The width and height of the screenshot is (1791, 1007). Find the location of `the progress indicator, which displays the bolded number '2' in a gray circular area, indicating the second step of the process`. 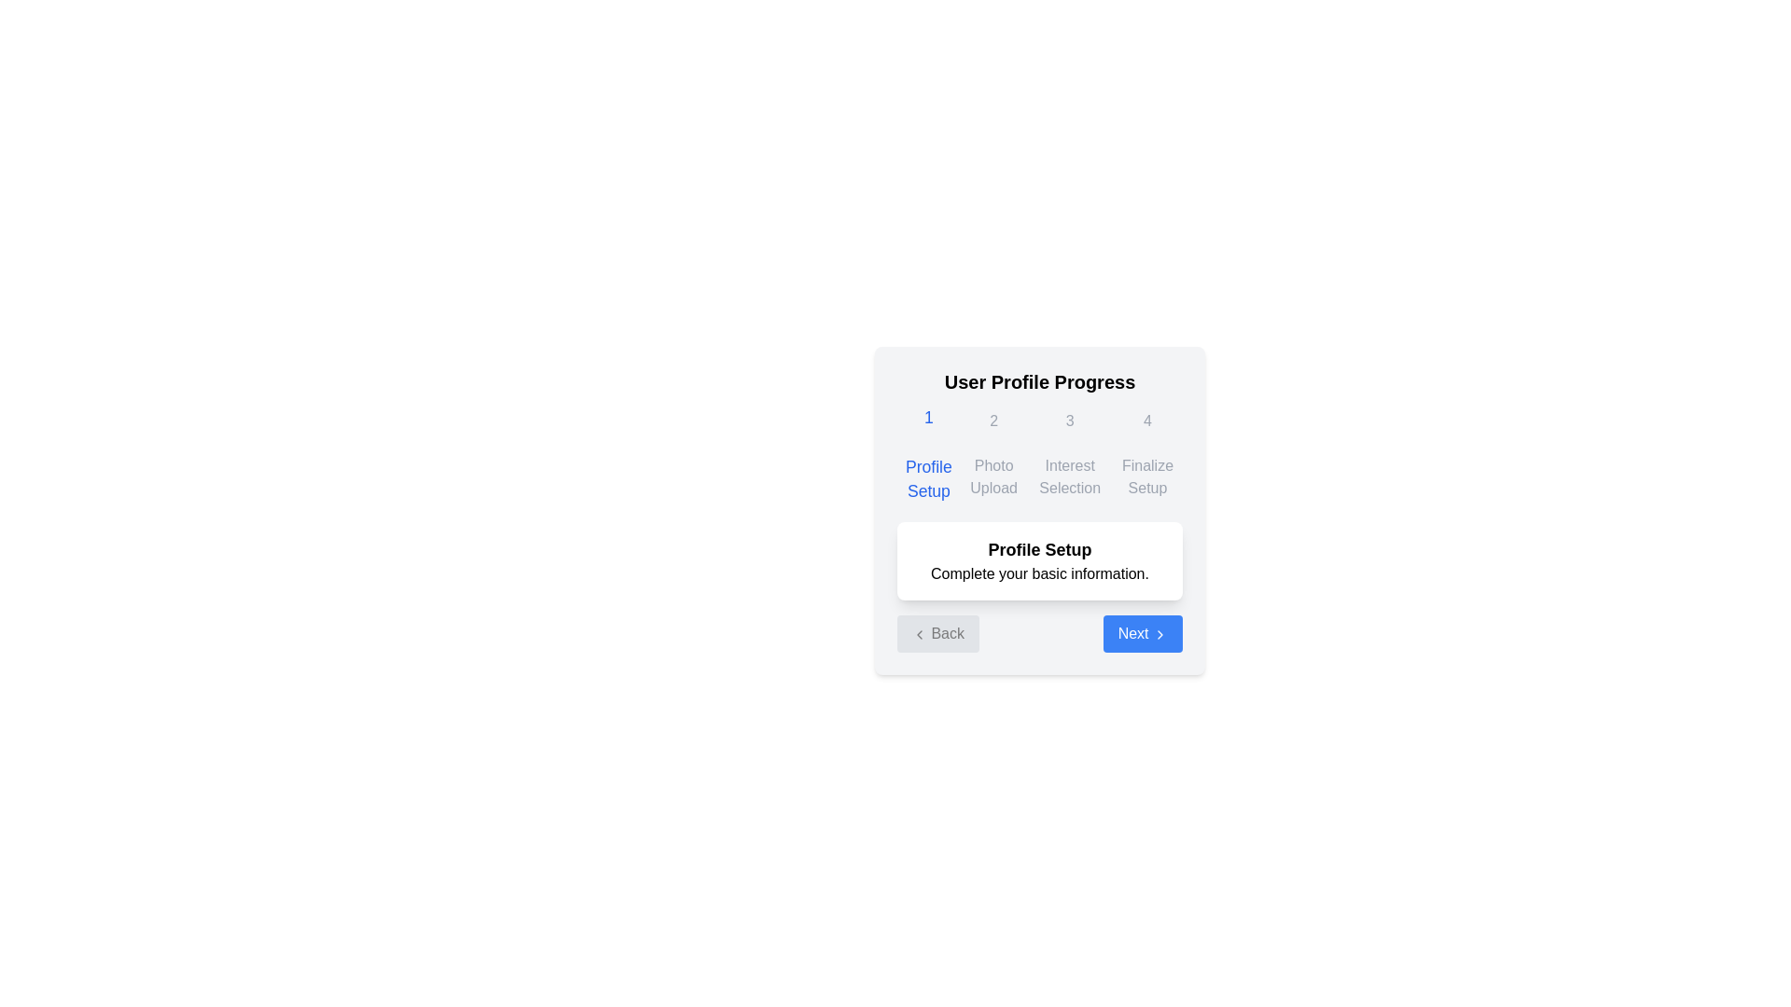

the progress indicator, which displays the bolded number '2' in a gray circular area, indicating the second step of the process is located at coordinates (993, 428).